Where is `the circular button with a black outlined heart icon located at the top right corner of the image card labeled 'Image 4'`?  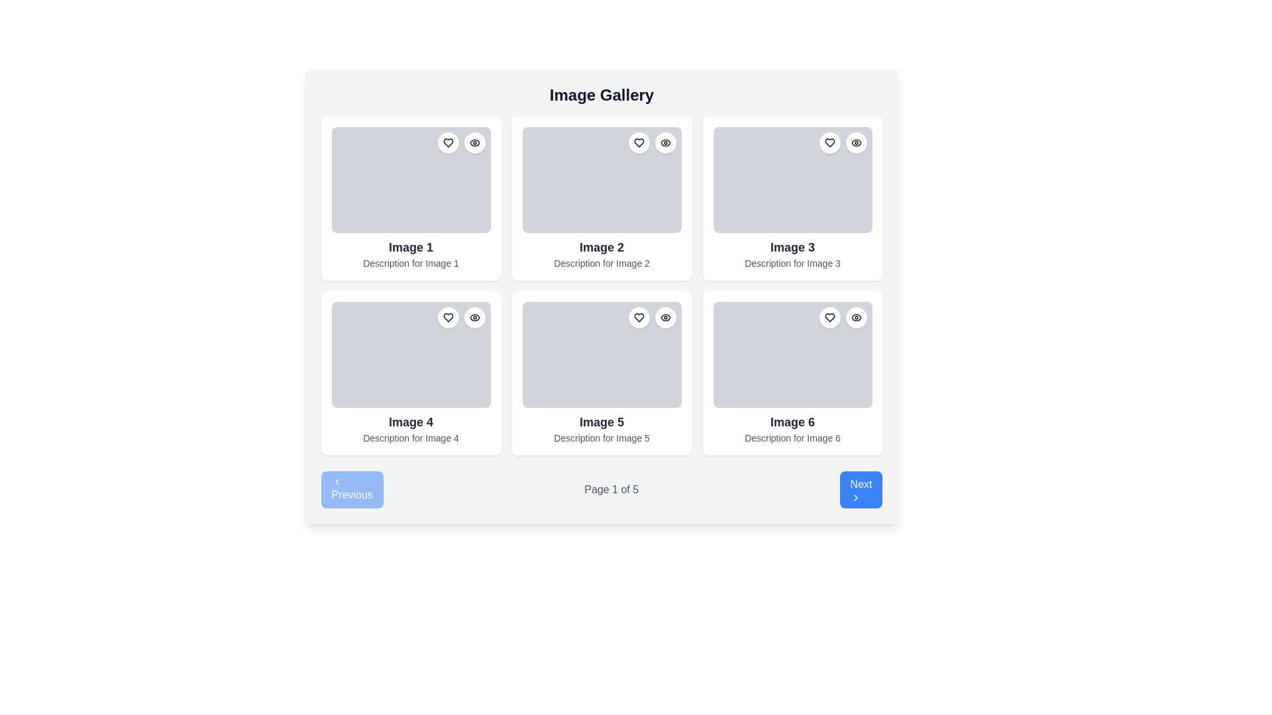 the circular button with a black outlined heart icon located at the top right corner of the image card labeled 'Image 4' is located at coordinates (448, 317).